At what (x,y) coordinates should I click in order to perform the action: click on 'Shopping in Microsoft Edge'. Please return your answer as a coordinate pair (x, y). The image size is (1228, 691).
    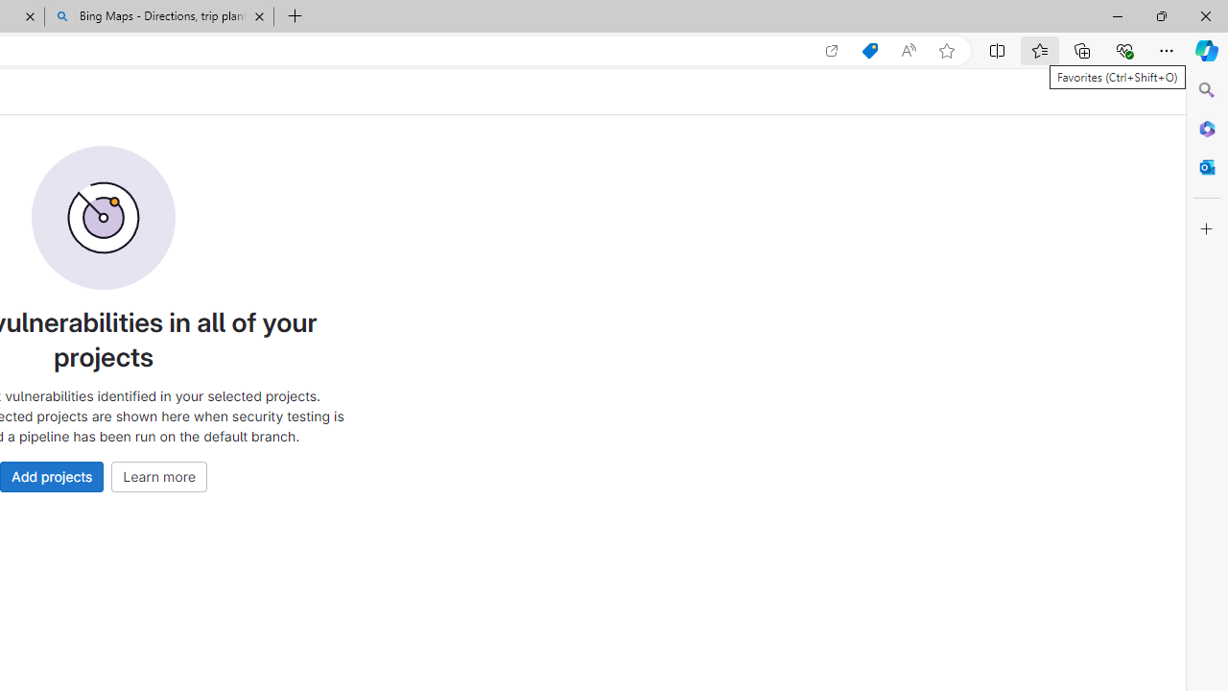
    Looking at the image, I should click on (868, 50).